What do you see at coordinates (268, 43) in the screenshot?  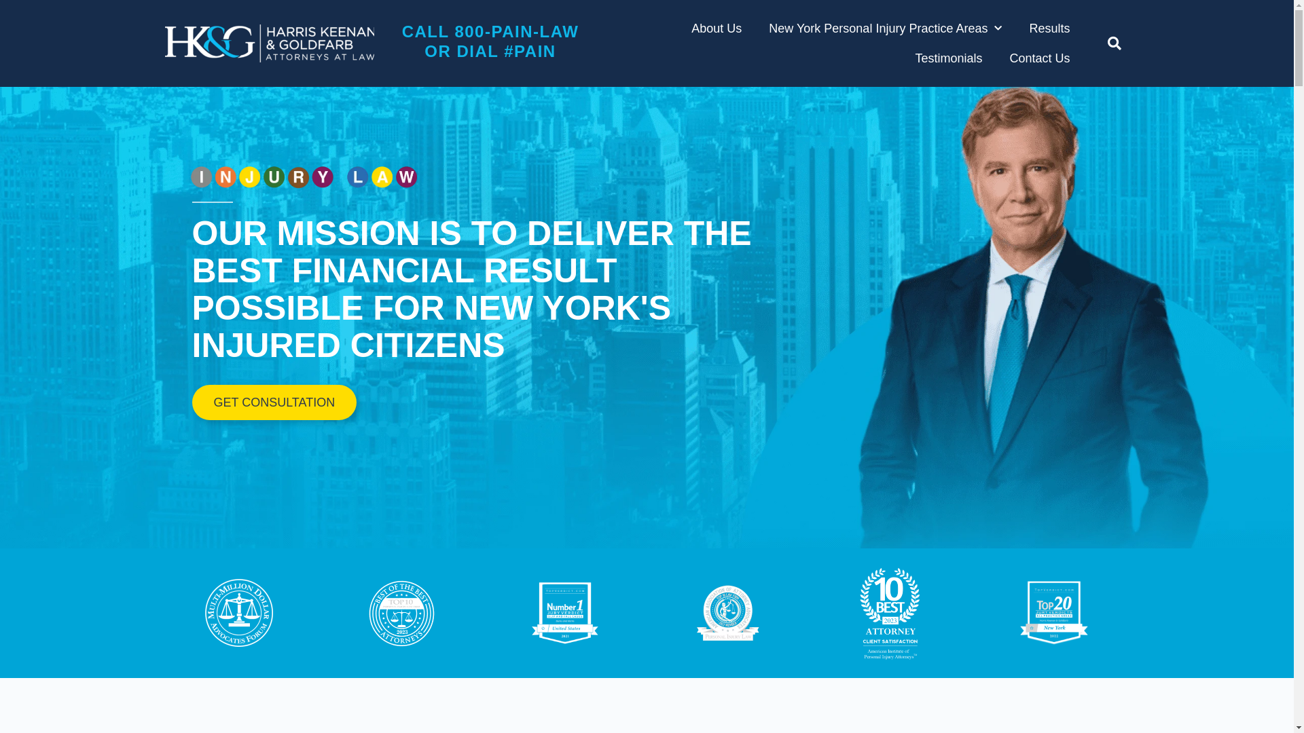 I see `'HKGLogo_blue.png'` at bounding box center [268, 43].